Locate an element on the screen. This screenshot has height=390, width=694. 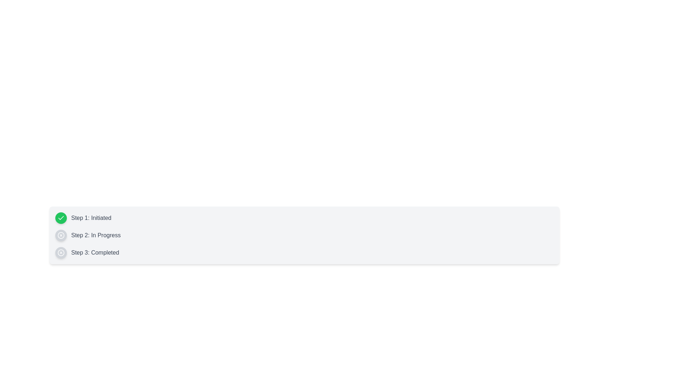
the appearance of the Circular SVG graphic that represents 'Step 3: Completed' in the multi-step visual indicator is located at coordinates (61, 252).